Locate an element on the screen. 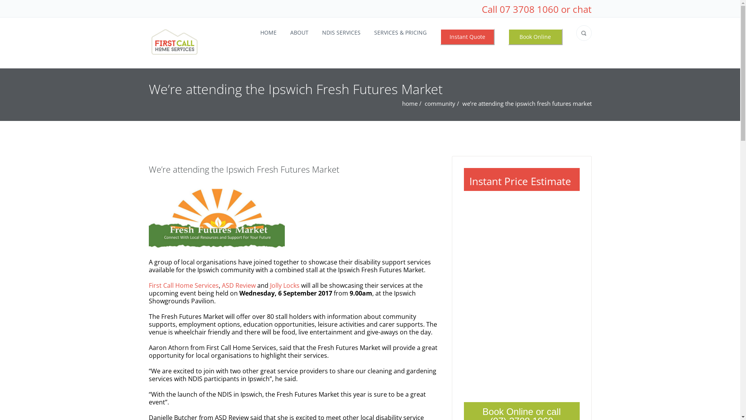 The image size is (746, 420). 'Call 07 3708 1060' is located at coordinates (520, 9).